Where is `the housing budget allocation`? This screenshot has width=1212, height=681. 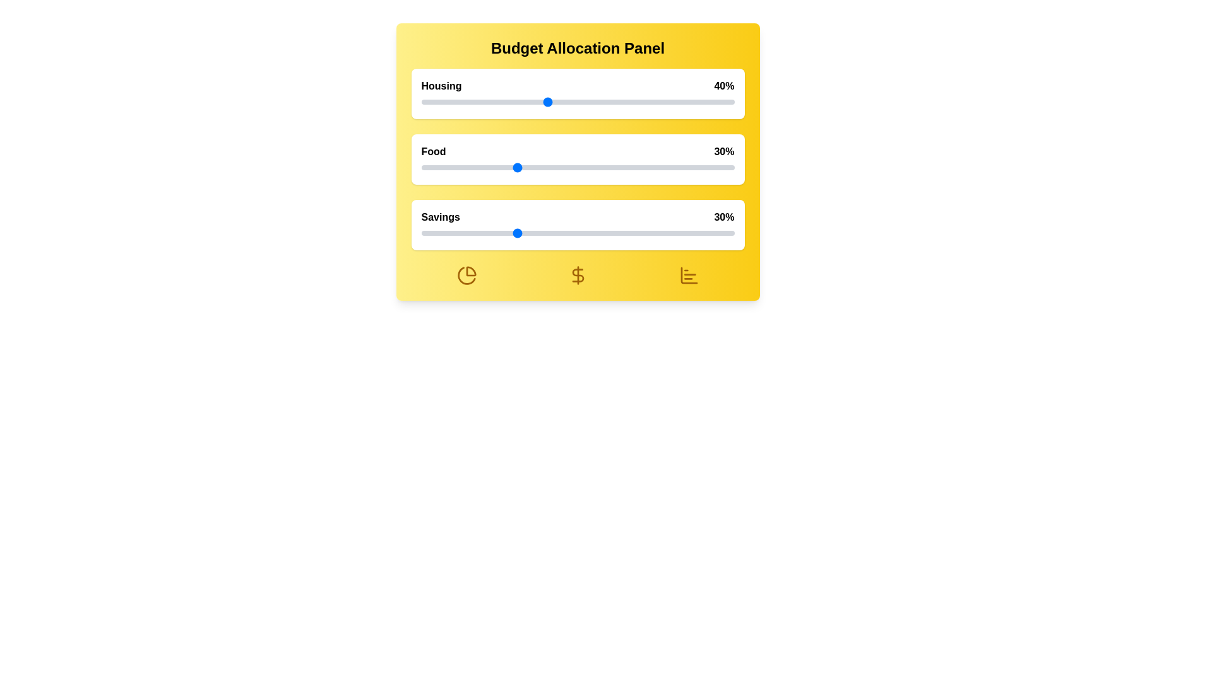
the housing budget allocation is located at coordinates (640, 102).